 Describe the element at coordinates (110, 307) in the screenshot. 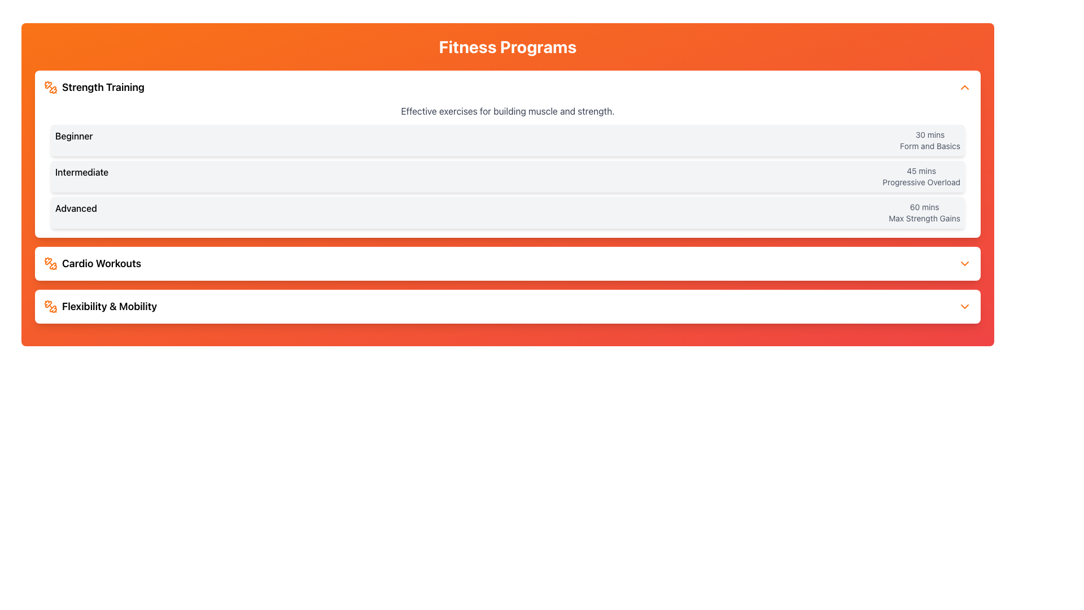

I see `the text label 'Flexibility & Mobility'` at that location.